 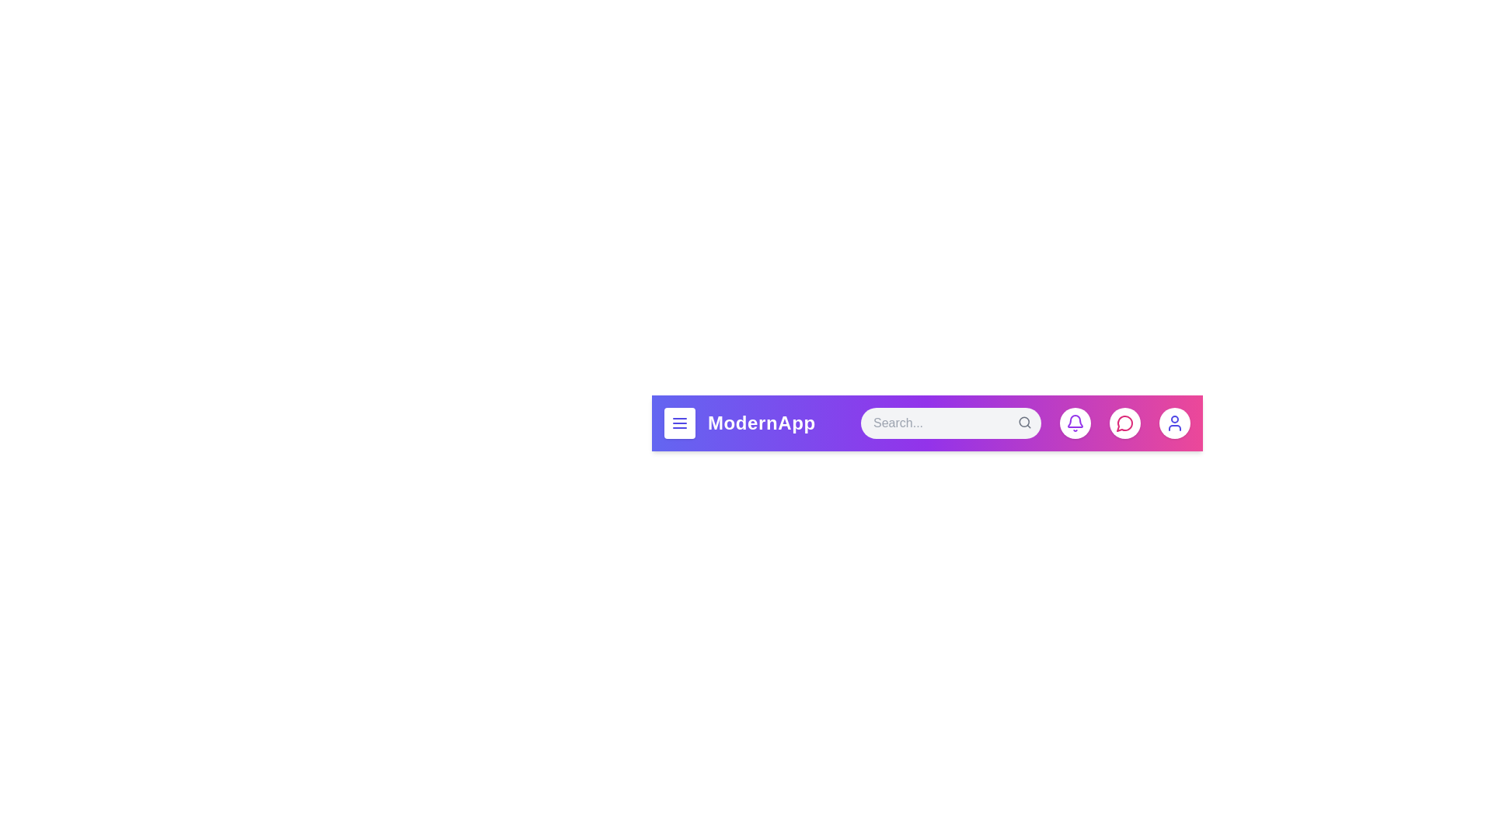 I want to click on the bell icon to activate the notification panel, so click(x=1074, y=423).